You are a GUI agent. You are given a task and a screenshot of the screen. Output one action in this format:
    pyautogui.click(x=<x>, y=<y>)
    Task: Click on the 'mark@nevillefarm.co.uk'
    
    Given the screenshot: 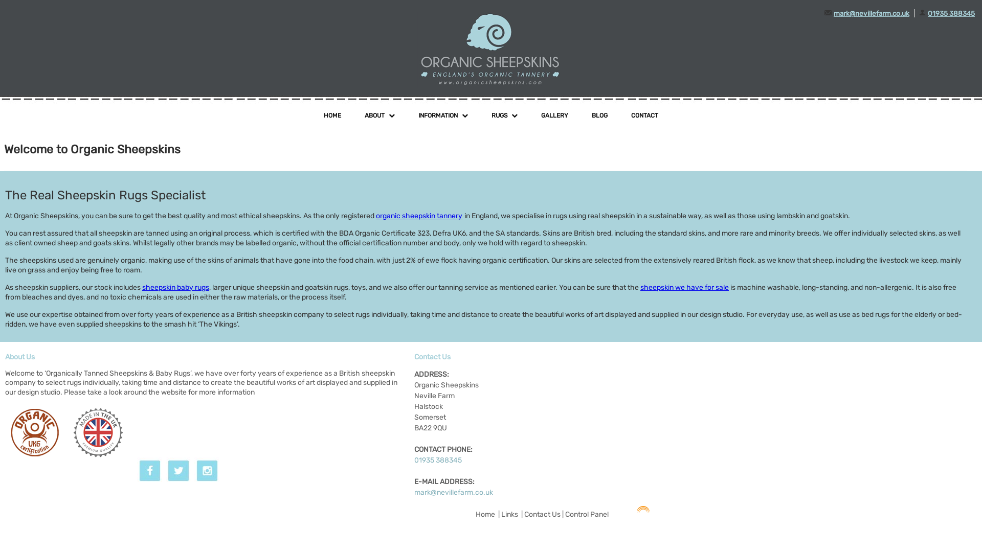 What is the action you would take?
    pyautogui.click(x=834, y=13)
    